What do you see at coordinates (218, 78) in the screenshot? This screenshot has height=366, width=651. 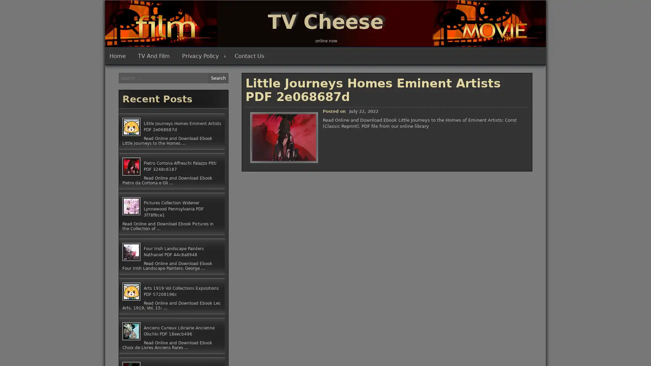 I see `Search` at bounding box center [218, 78].